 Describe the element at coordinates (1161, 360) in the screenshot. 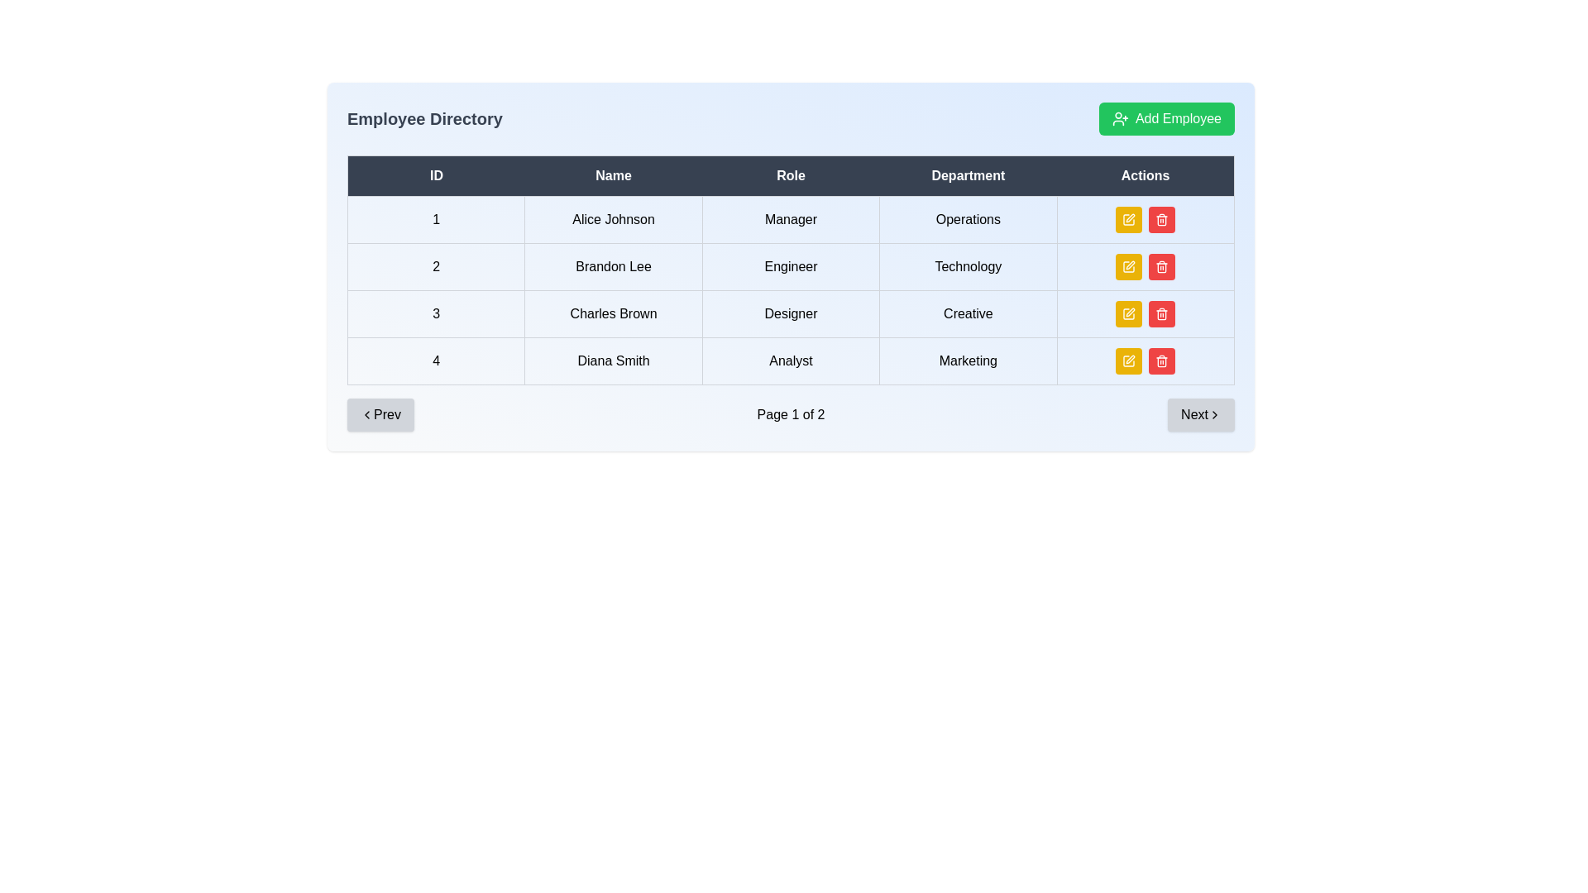

I see `the delete button located in the 'Actions' column of the data table for the entry 'Diana Smith'` at that location.